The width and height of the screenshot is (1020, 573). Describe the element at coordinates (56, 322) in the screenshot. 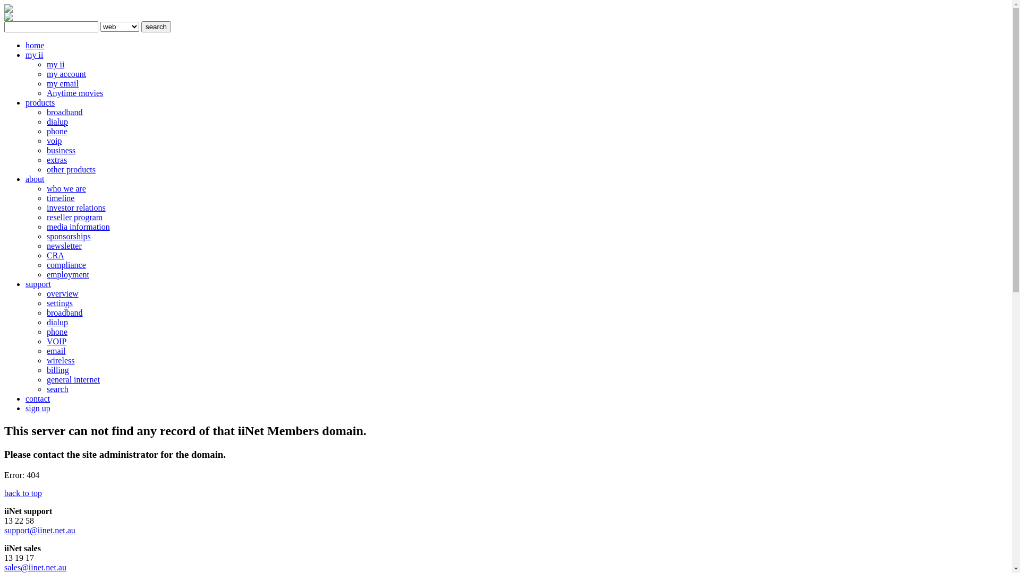

I see `'dialup'` at that location.